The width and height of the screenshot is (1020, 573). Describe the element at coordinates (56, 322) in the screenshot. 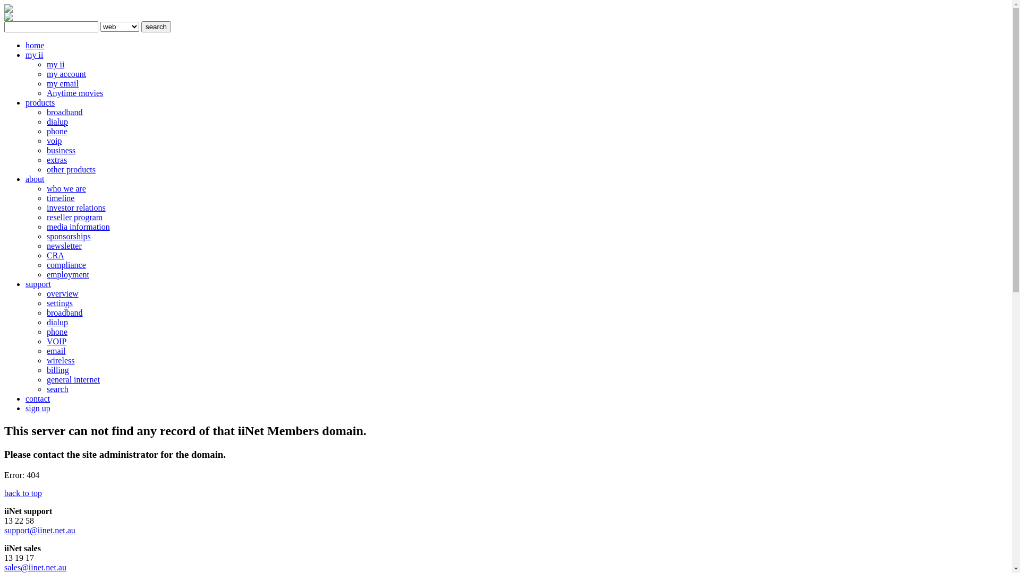

I see `'dialup'` at that location.